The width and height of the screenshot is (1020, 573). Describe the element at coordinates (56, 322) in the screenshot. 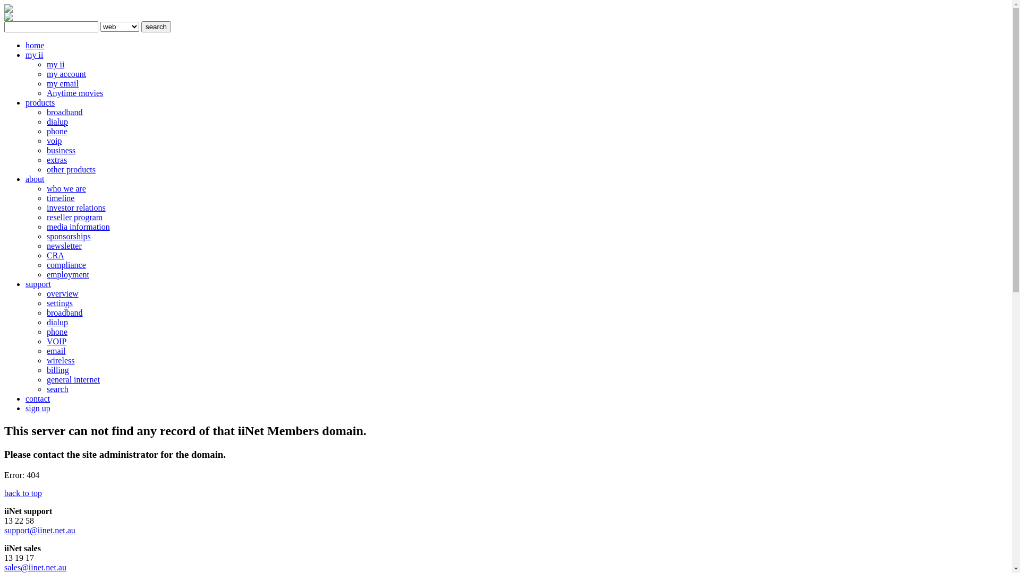

I see `'dialup'` at that location.